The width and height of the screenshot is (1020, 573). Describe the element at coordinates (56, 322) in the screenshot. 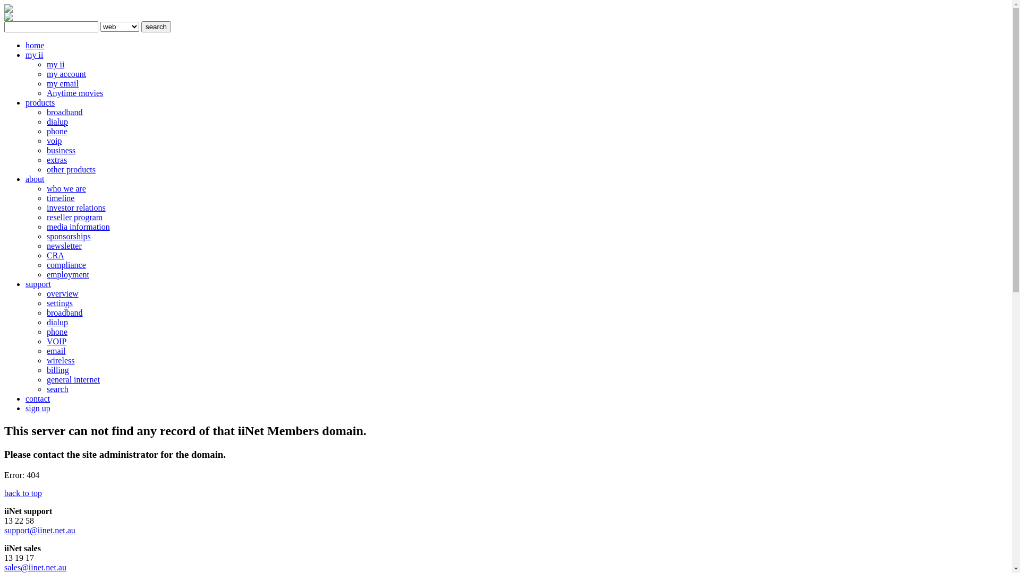

I see `'dialup'` at that location.